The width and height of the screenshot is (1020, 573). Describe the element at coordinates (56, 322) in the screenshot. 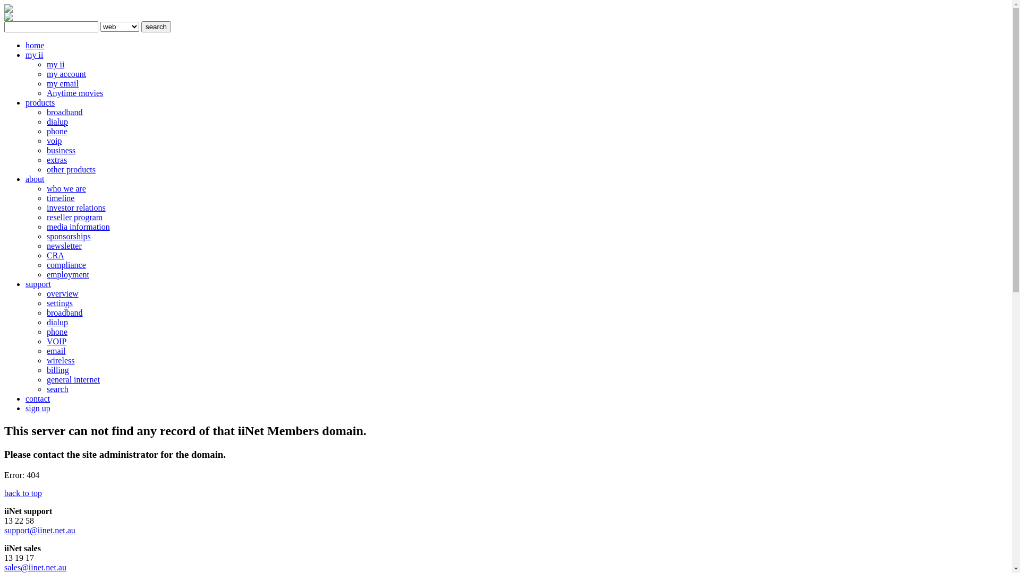

I see `'dialup'` at that location.